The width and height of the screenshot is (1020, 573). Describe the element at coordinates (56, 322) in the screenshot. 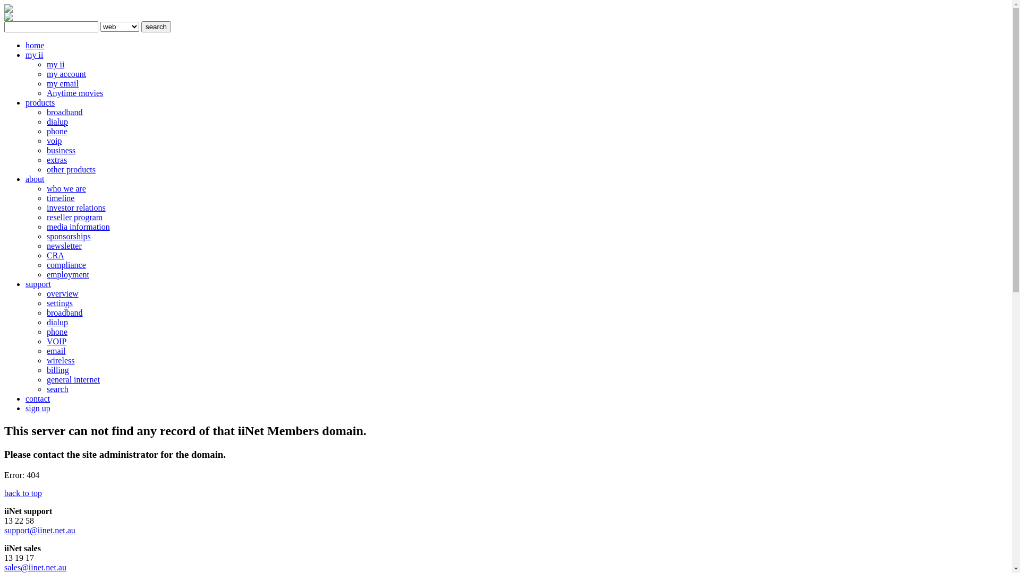

I see `'dialup'` at that location.